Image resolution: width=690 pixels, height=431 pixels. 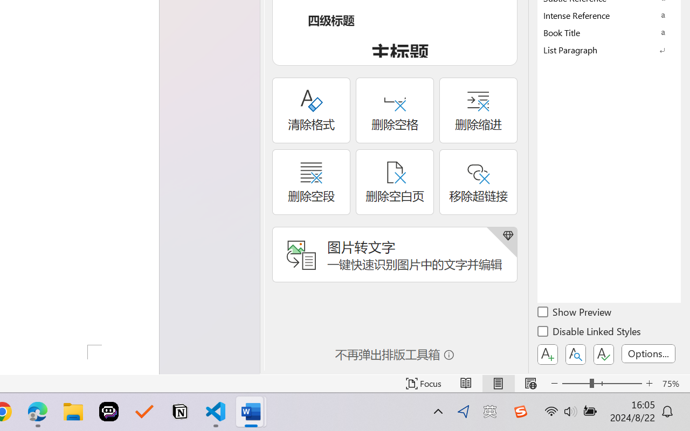 I want to click on 'Options...', so click(x=648, y=353).